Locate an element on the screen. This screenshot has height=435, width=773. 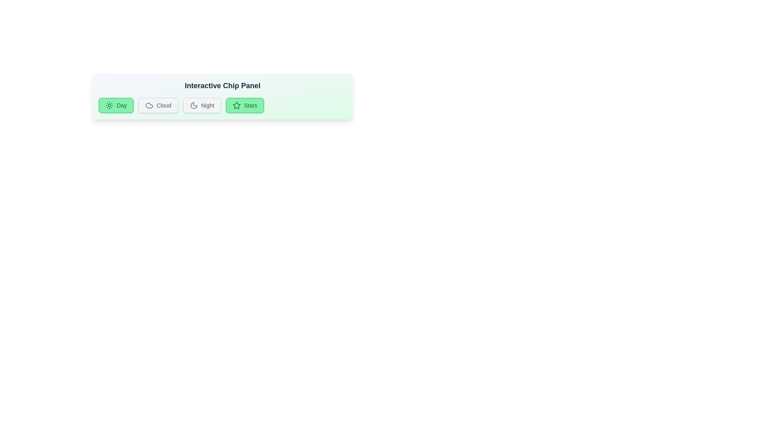
the chip labeled Night is located at coordinates (202, 105).